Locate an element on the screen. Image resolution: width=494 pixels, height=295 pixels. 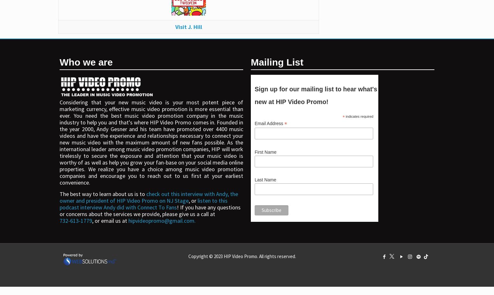
', or' is located at coordinates (193, 200).